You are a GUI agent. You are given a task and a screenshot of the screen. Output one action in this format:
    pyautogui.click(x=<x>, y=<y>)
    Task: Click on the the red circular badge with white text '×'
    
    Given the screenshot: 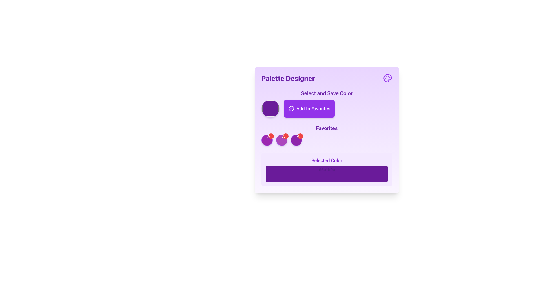 What is the action you would take?
    pyautogui.click(x=285, y=136)
    